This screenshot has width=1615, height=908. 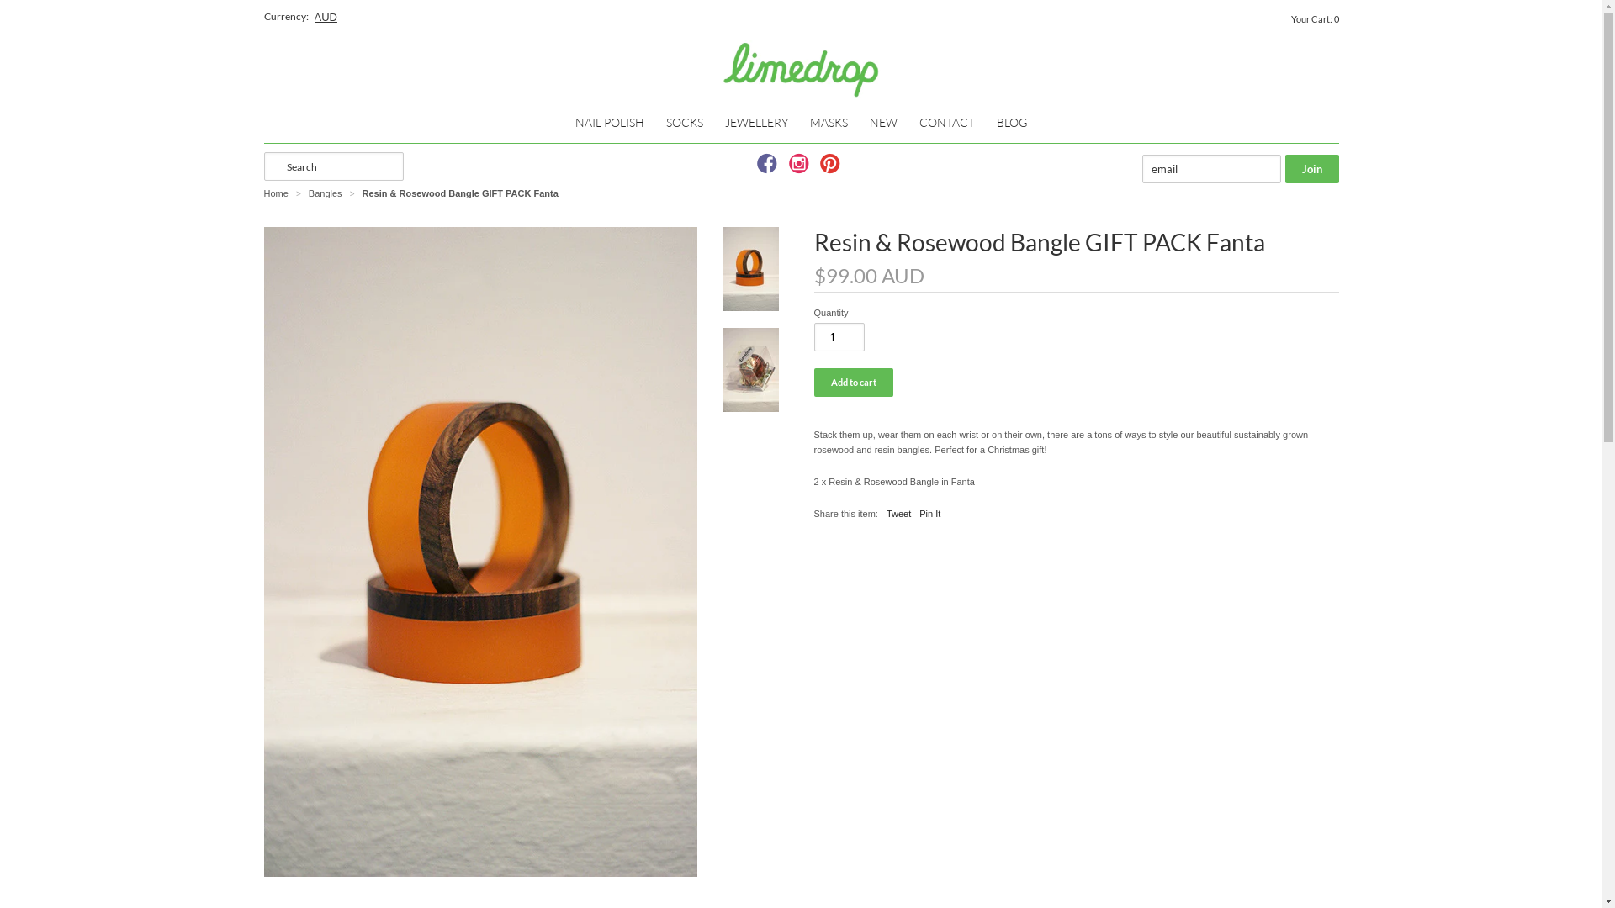 I want to click on 'MASKS', so click(x=829, y=122).